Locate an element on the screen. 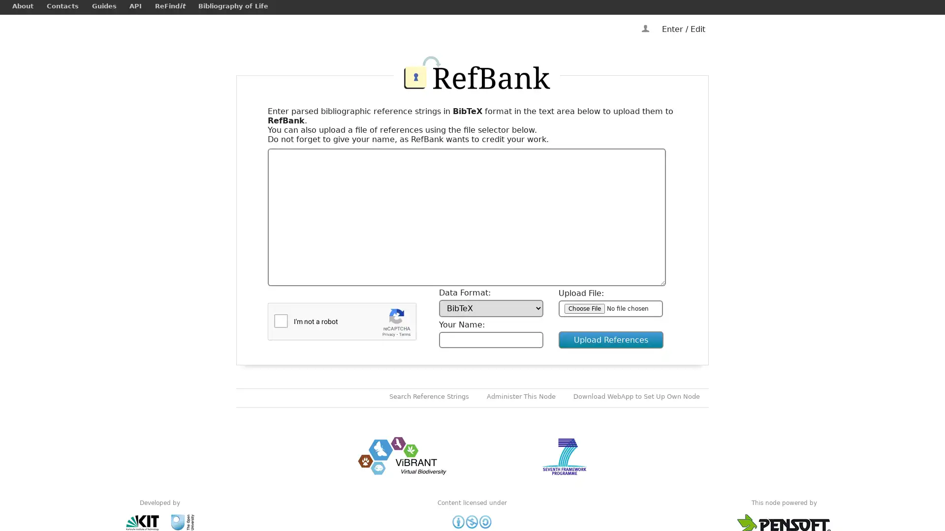 This screenshot has height=531, width=945. Choose File is located at coordinates (585, 308).